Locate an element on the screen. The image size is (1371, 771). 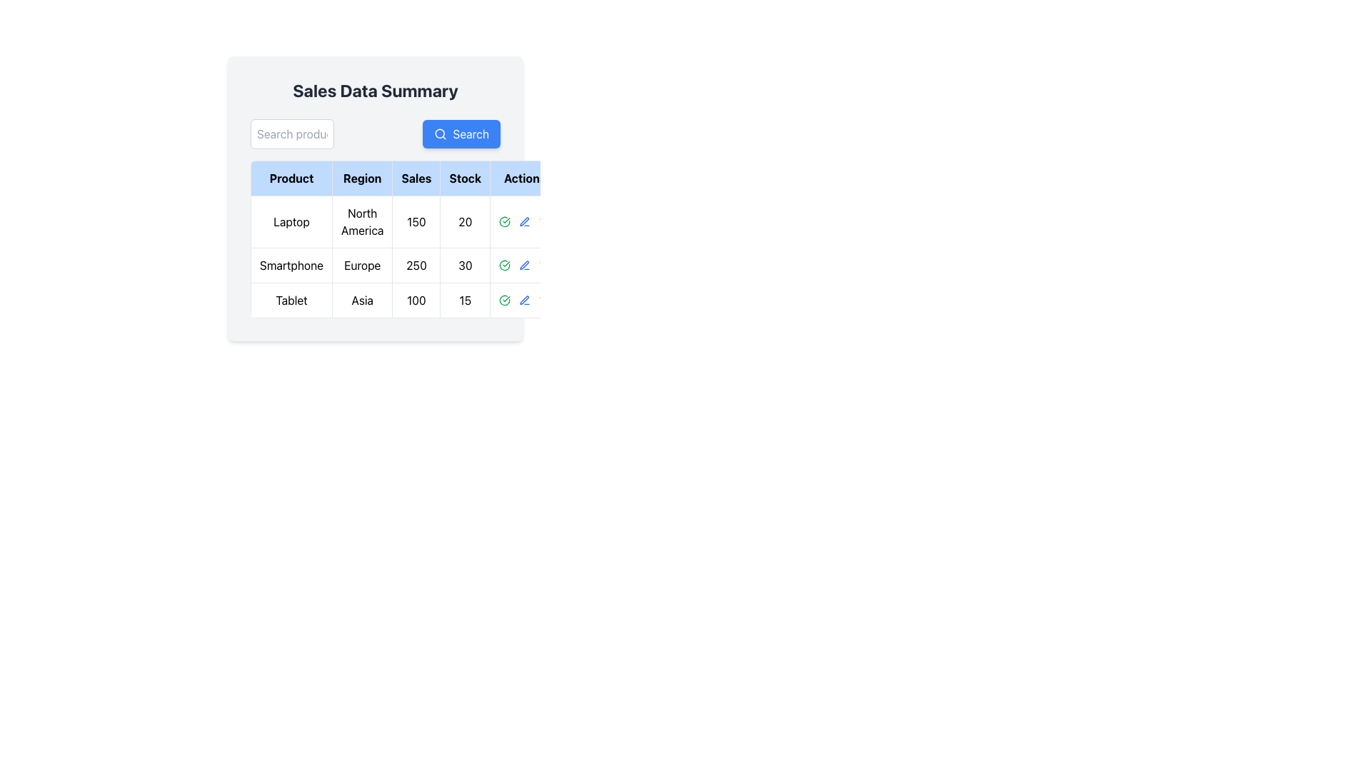
the text label 'Sales' which is the third column header in the table, styled in bold within a light blue background is located at coordinates (416, 178).